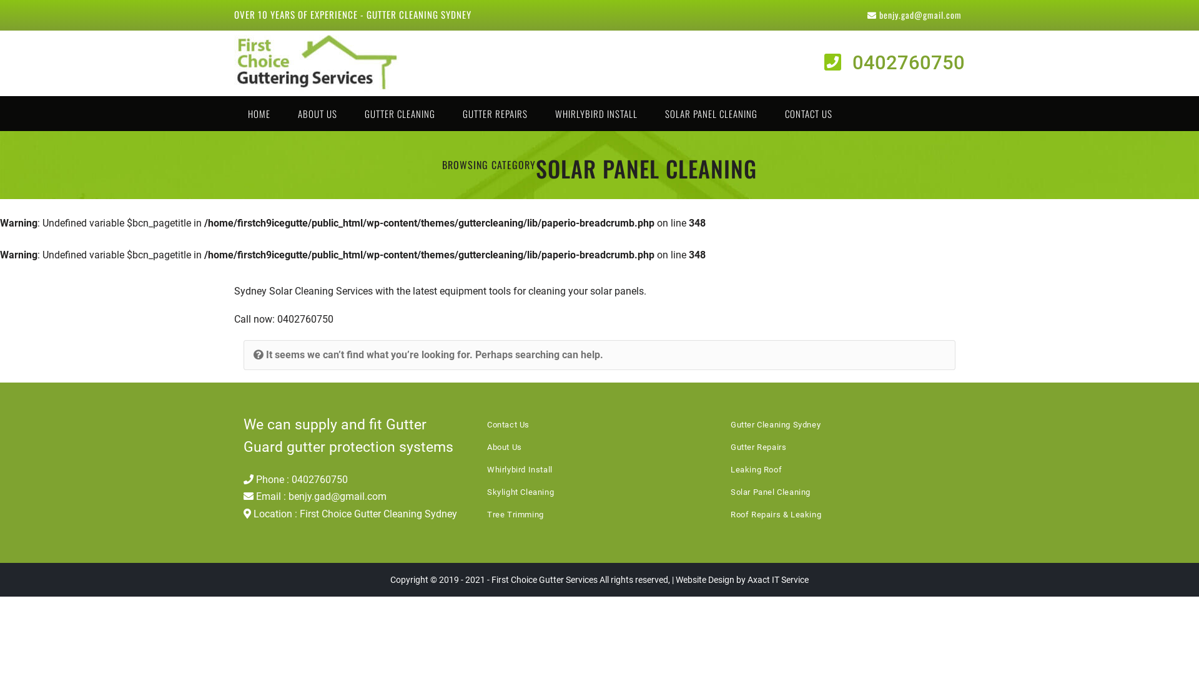 The image size is (1199, 674). What do you see at coordinates (350, 514) in the screenshot?
I see `'Location : First Choice Gutter Cleaning Sydney'` at bounding box center [350, 514].